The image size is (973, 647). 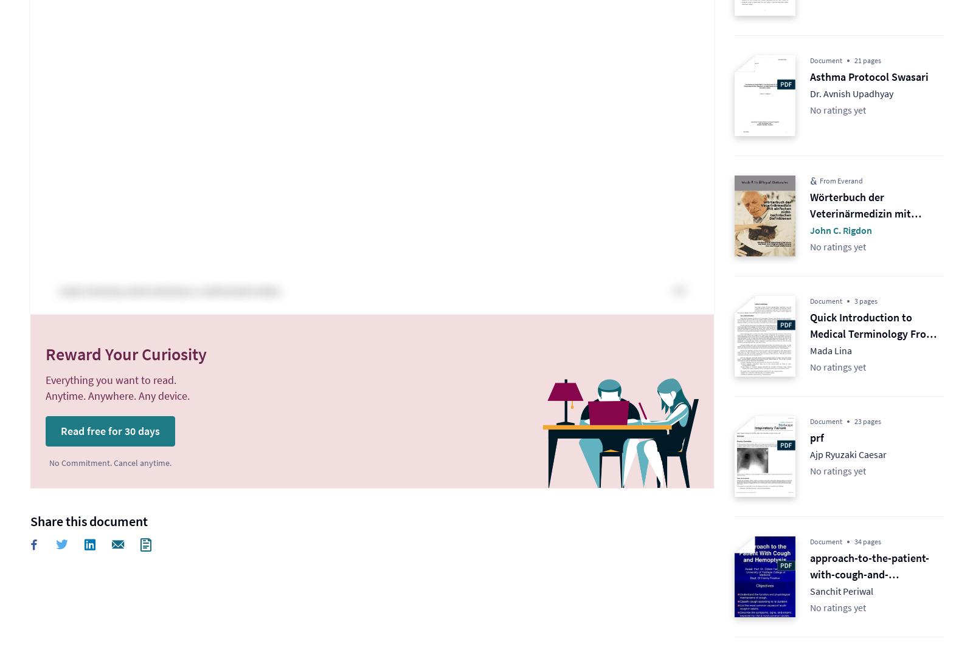 I want to click on 'Anytime. Anywhere. Any device.', so click(x=117, y=395).